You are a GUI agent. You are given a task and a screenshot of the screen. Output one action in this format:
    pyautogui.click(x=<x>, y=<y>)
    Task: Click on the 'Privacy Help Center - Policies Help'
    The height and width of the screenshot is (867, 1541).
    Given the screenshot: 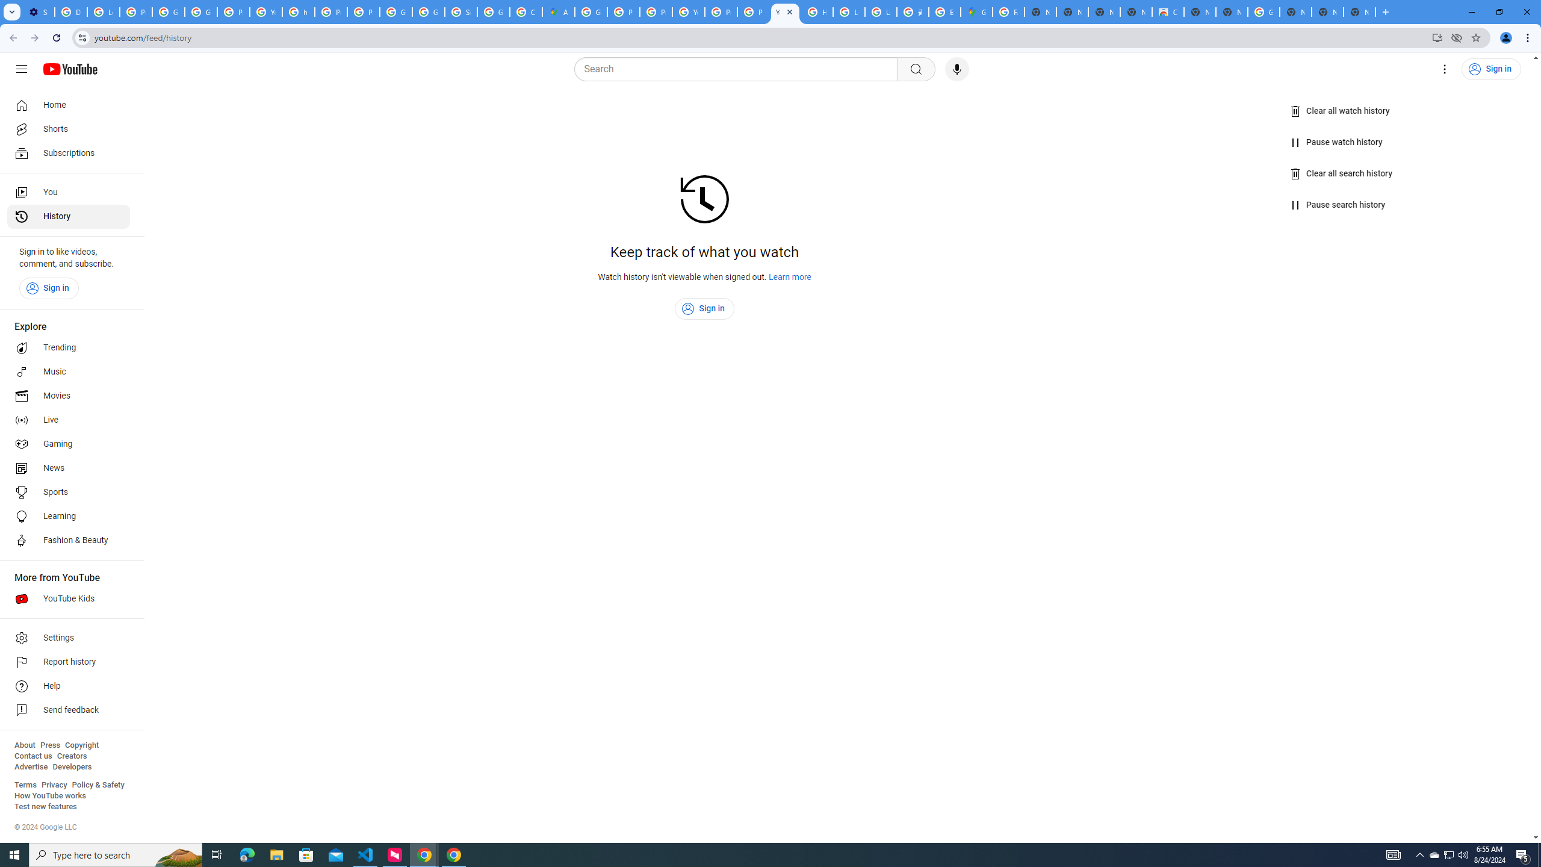 What is the action you would take?
    pyautogui.click(x=656, y=11)
    